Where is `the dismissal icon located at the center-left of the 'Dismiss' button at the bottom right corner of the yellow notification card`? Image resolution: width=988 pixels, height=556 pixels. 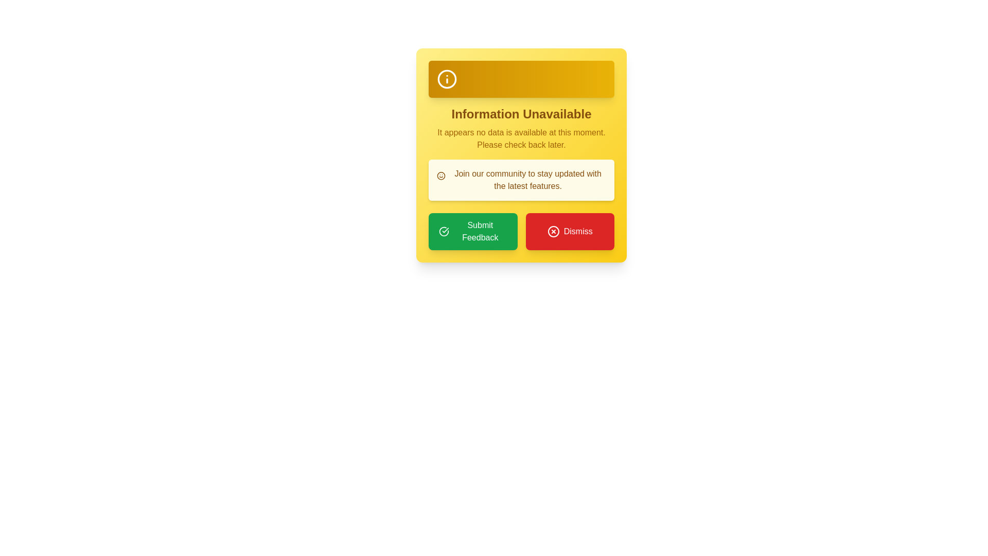
the dismissal icon located at the center-left of the 'Dismiss' button at the bottom right corner of the yellow notification card is located at coordinates (553, 232).